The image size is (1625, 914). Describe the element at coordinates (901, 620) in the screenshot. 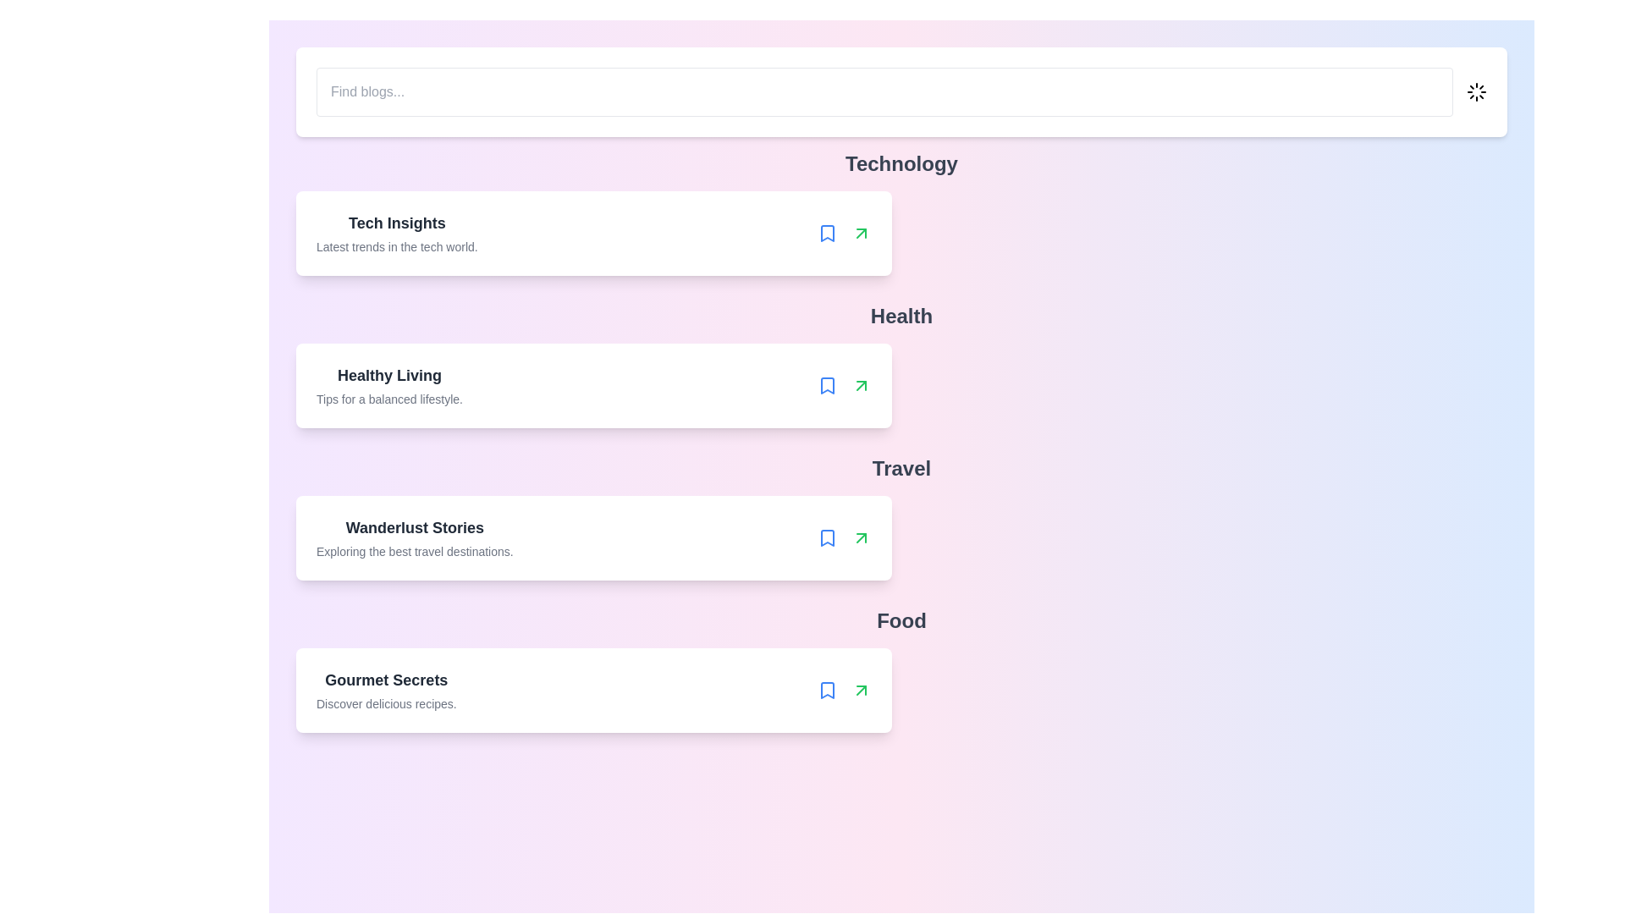

I see `the section heading that indicates the category for the content below it, located near the bottom of a section list, right above the 'Gourmet Secrets' subheading` at that location.